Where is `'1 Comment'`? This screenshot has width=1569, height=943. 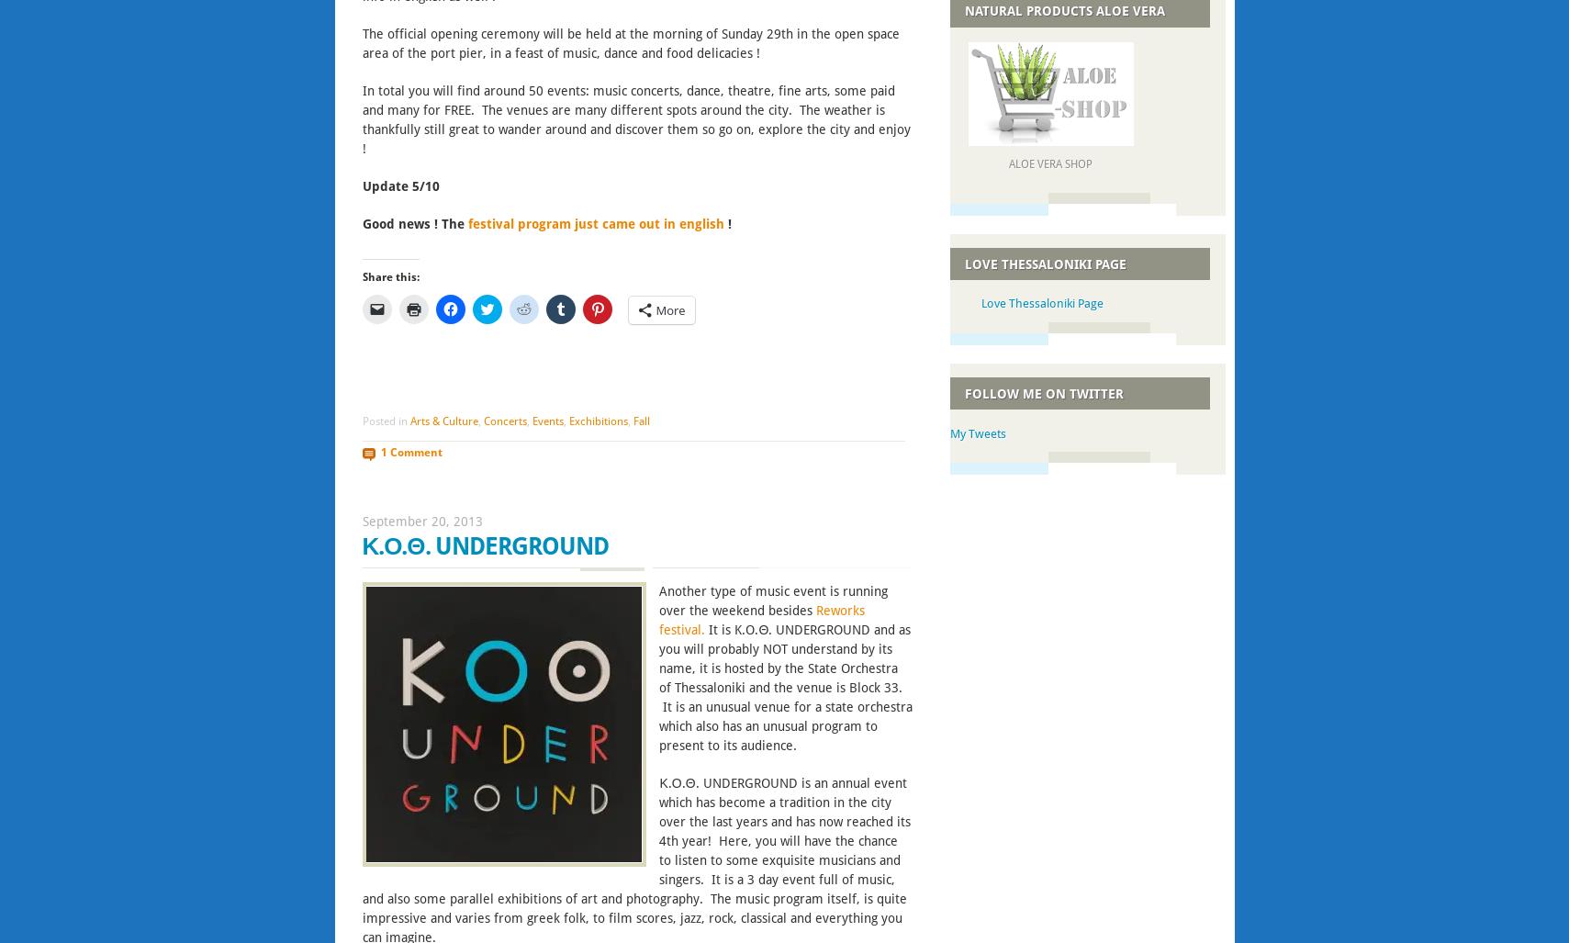
'1 Comment' is located at coordinates (410, 452).